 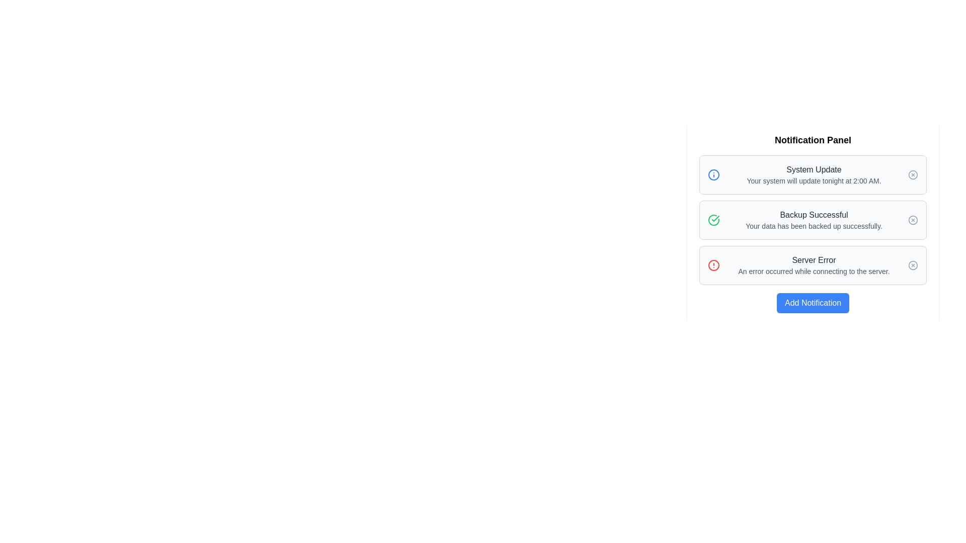 What do you see at coordinates (713, 174) in the screenshot?
I see `the circular information icon with a blue border located at the top left corner of the 'System Update' box in the notification list` at bounding box center [713, 174].